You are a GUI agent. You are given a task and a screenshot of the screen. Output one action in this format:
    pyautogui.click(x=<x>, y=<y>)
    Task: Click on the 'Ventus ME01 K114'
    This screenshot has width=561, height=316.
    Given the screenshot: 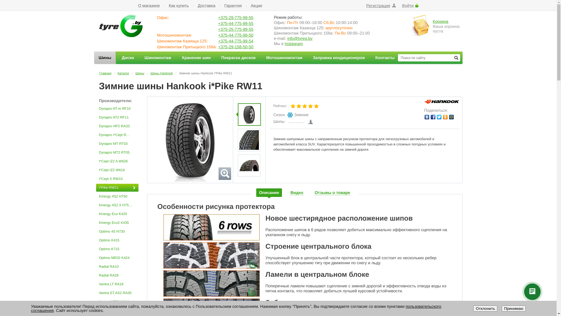 What is the action you would take?
    pyautogui.click(x=117, y=302)
    